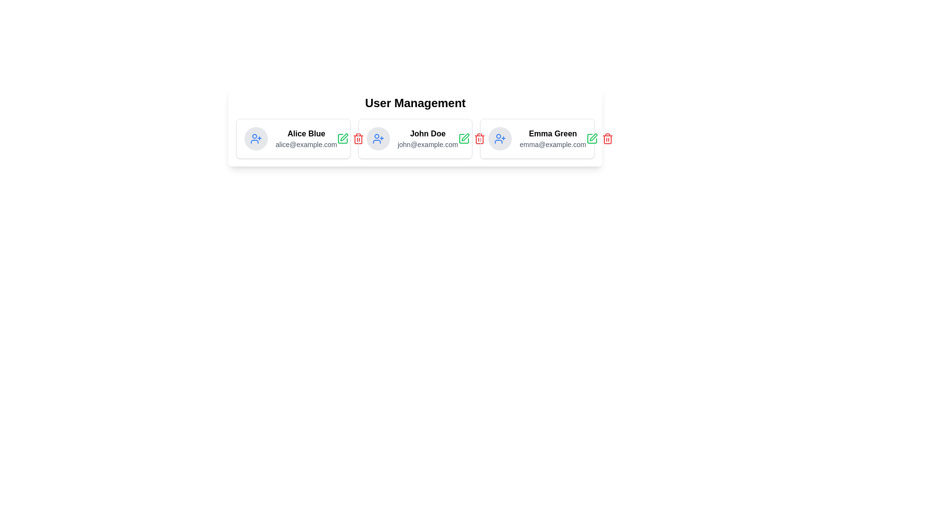 This screenshot has height=526, width=935. What do you see at coordinates (500, 139) in the screenshot?
I see `the user addition icon located at the center of the second card above the text labeled 'John Doe'` at bounding box center [500, 139].